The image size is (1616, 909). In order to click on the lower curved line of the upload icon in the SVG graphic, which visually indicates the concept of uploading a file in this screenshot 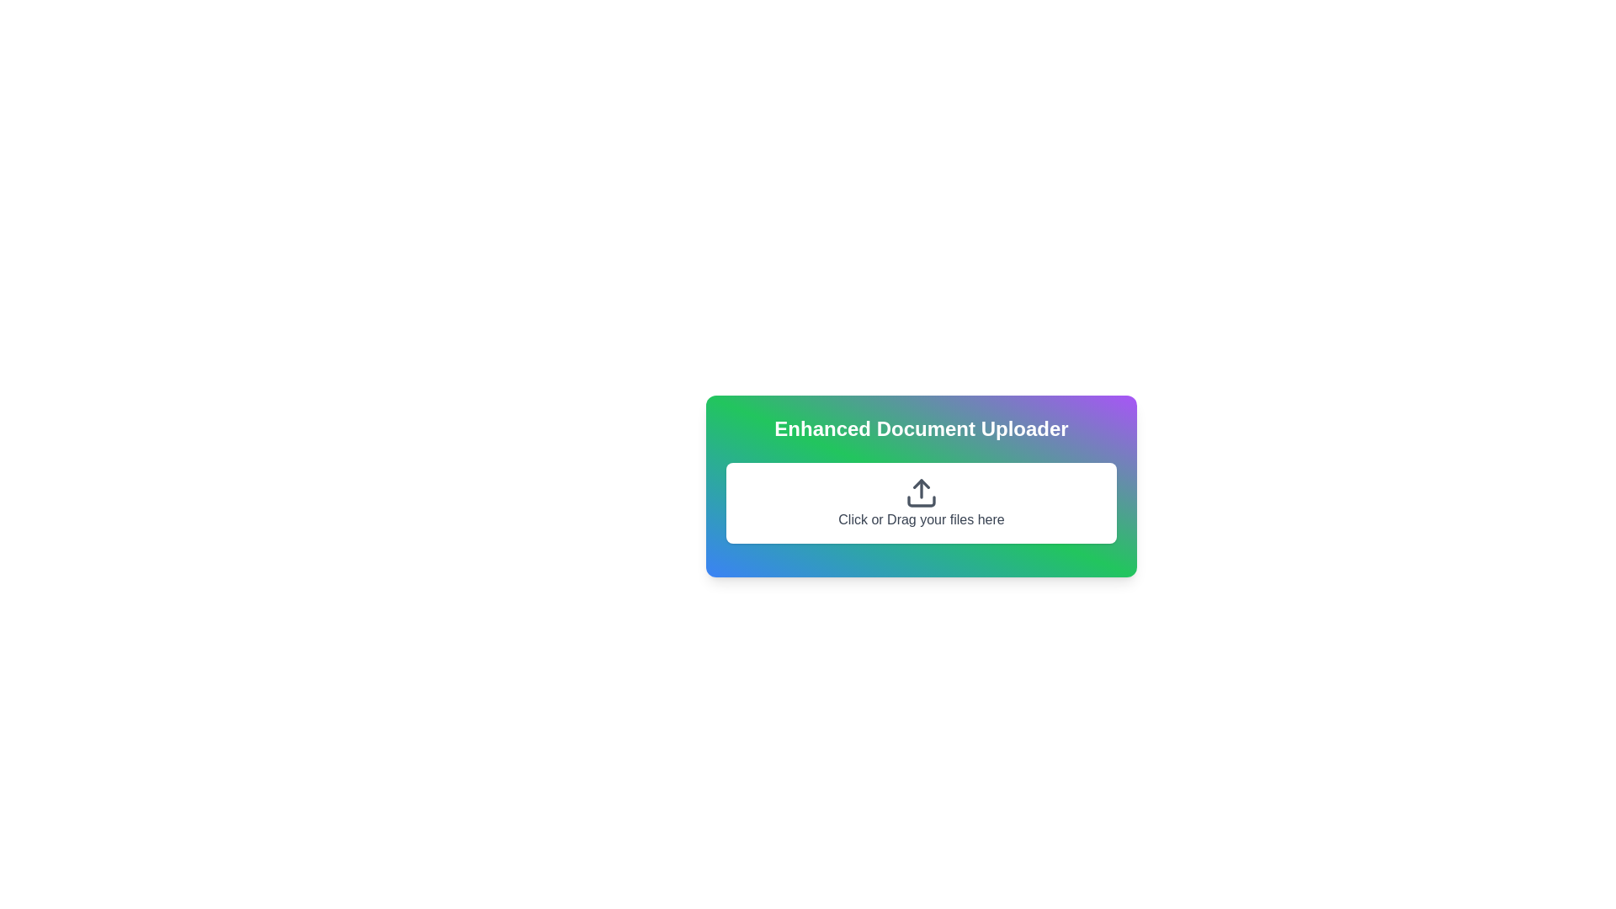, I will do `click(920, 501)`.